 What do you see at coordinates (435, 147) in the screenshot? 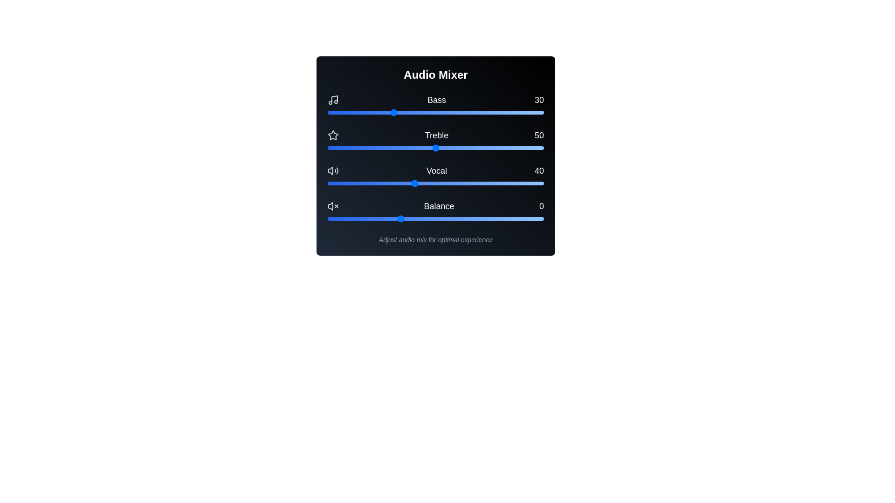
I see `the Treble slider to set the treble level to 50` at bounding box center [435, 147].